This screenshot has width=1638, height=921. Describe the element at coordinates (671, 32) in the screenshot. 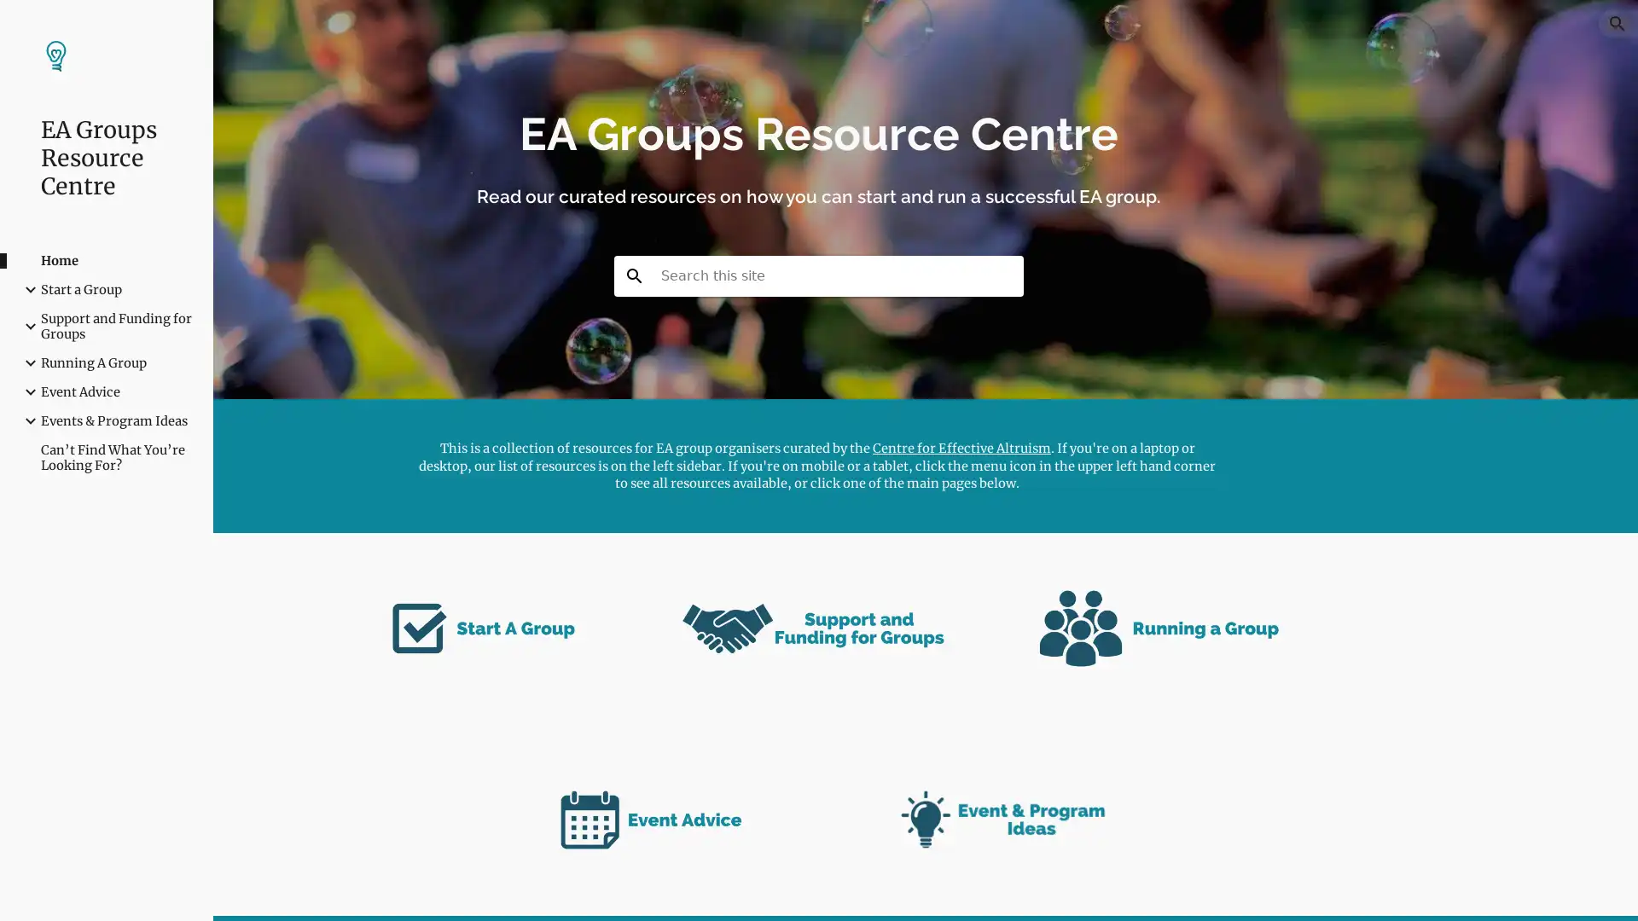

I see `Skip to main content` at that location.